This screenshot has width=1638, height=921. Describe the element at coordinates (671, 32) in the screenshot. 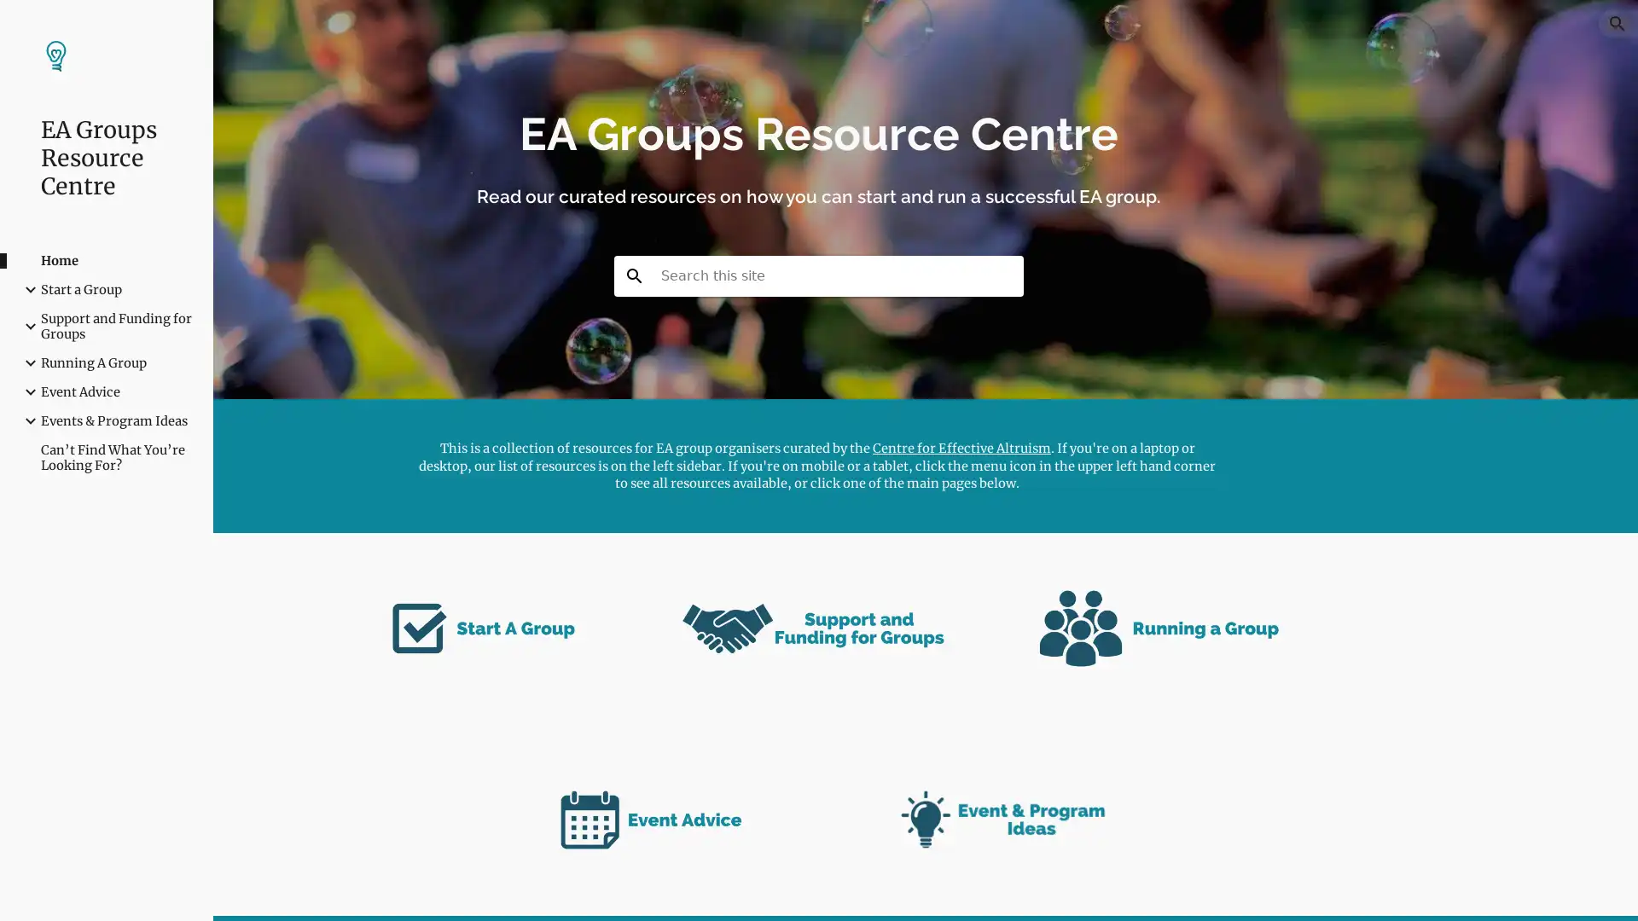

I see `Skip to main content` at that location.